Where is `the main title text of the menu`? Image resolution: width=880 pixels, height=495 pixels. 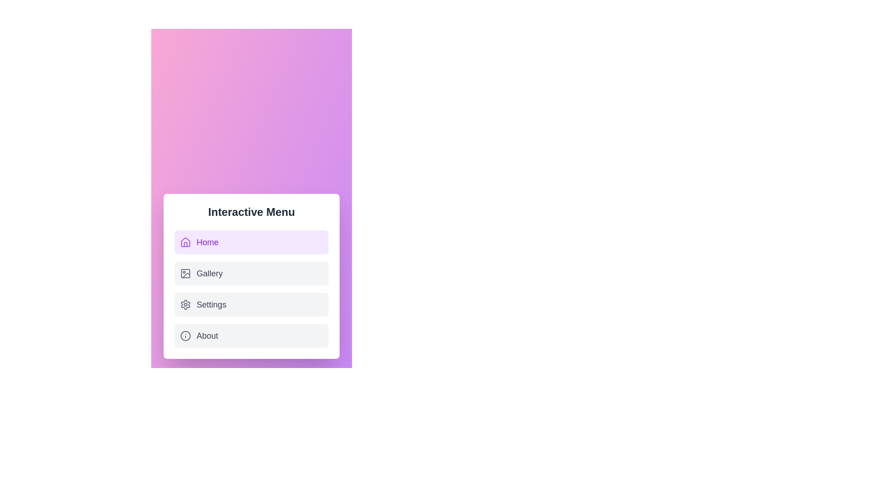
the main title text of the menu is located at coordinates (251, 212).